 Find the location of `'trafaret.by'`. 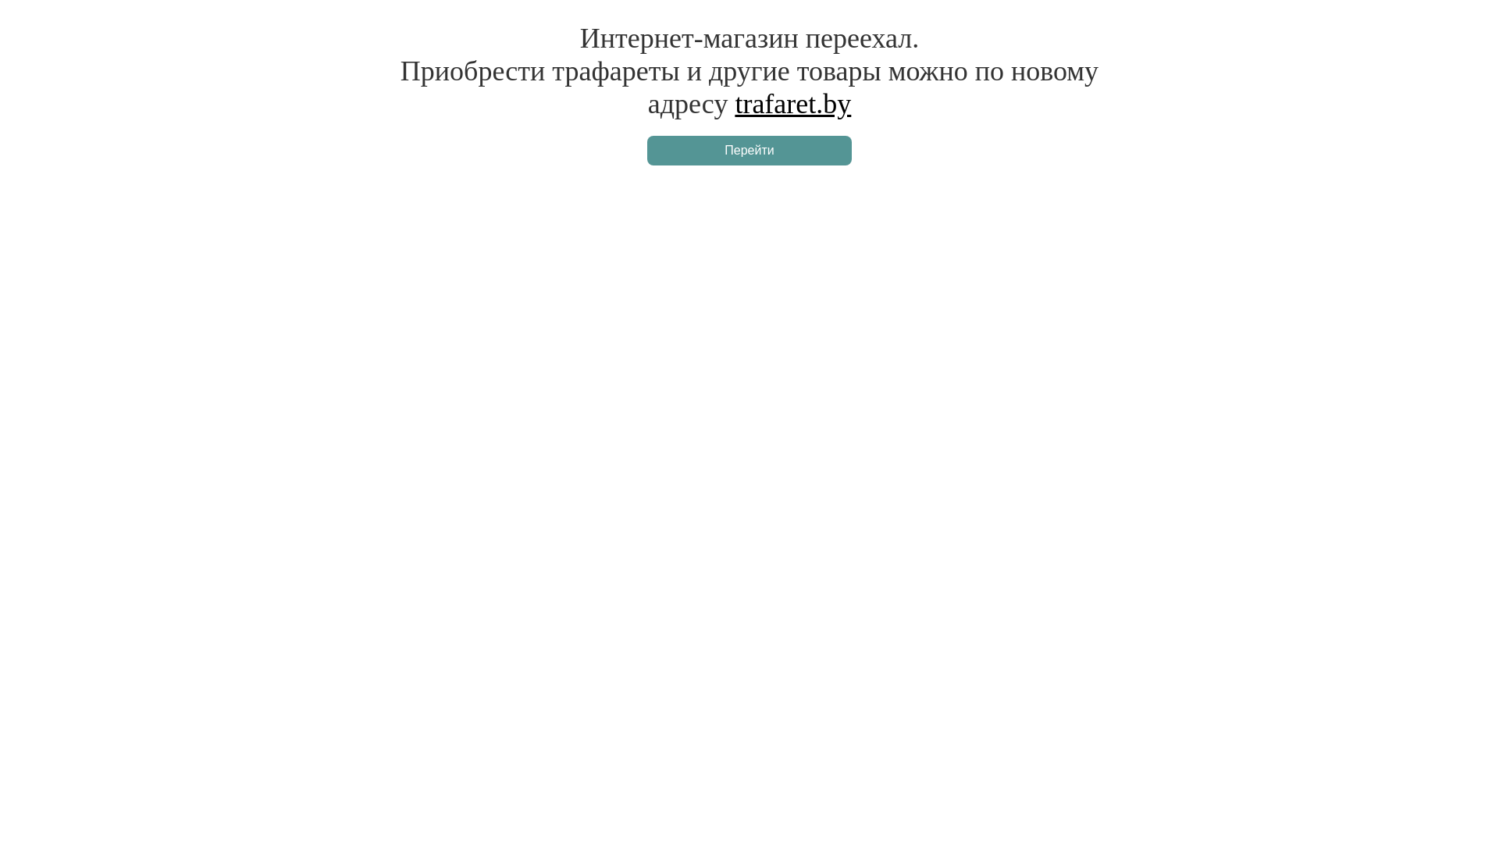

'trafaret.by' is located at coordinates (792, 103).